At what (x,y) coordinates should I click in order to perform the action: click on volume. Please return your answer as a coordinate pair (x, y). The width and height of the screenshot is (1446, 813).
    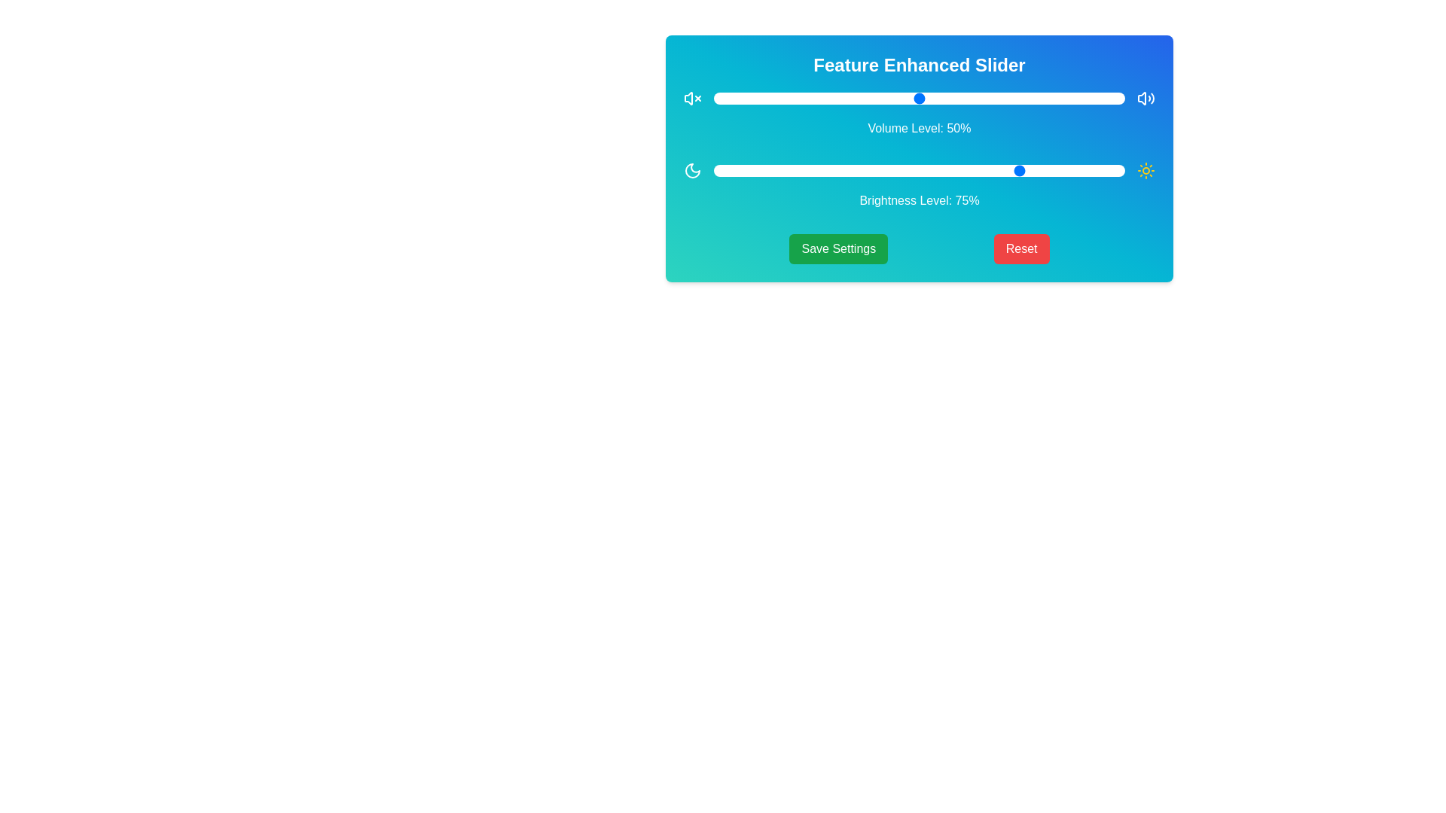
    Looking at the image, I should click on (1092, 99).